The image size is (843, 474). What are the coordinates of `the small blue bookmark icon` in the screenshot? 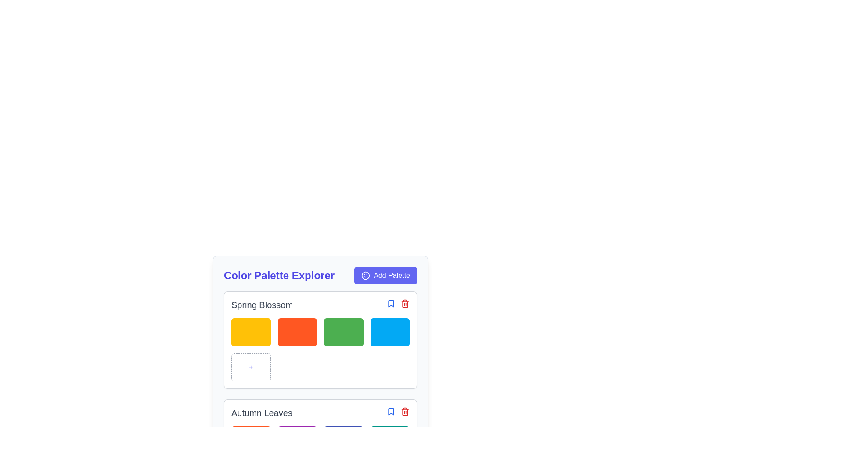 It's located at (391, 411).